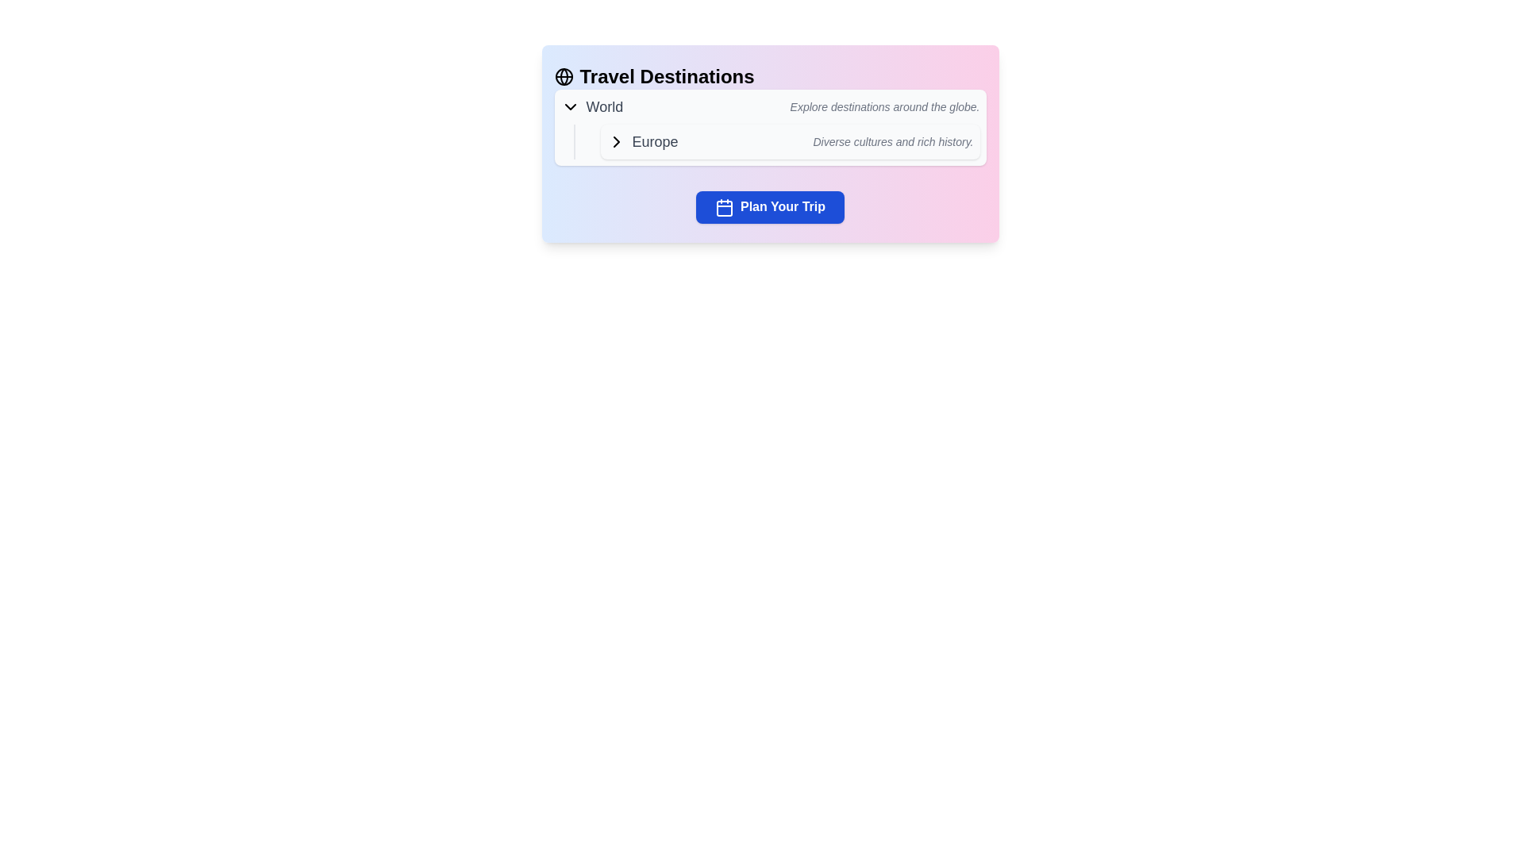 The image size is (1524, 857). Describe the element at coordinates (770, 206) in the screenshot. I see `the call-to-action button located beneath the 'Travel Destinations' section` at that location.